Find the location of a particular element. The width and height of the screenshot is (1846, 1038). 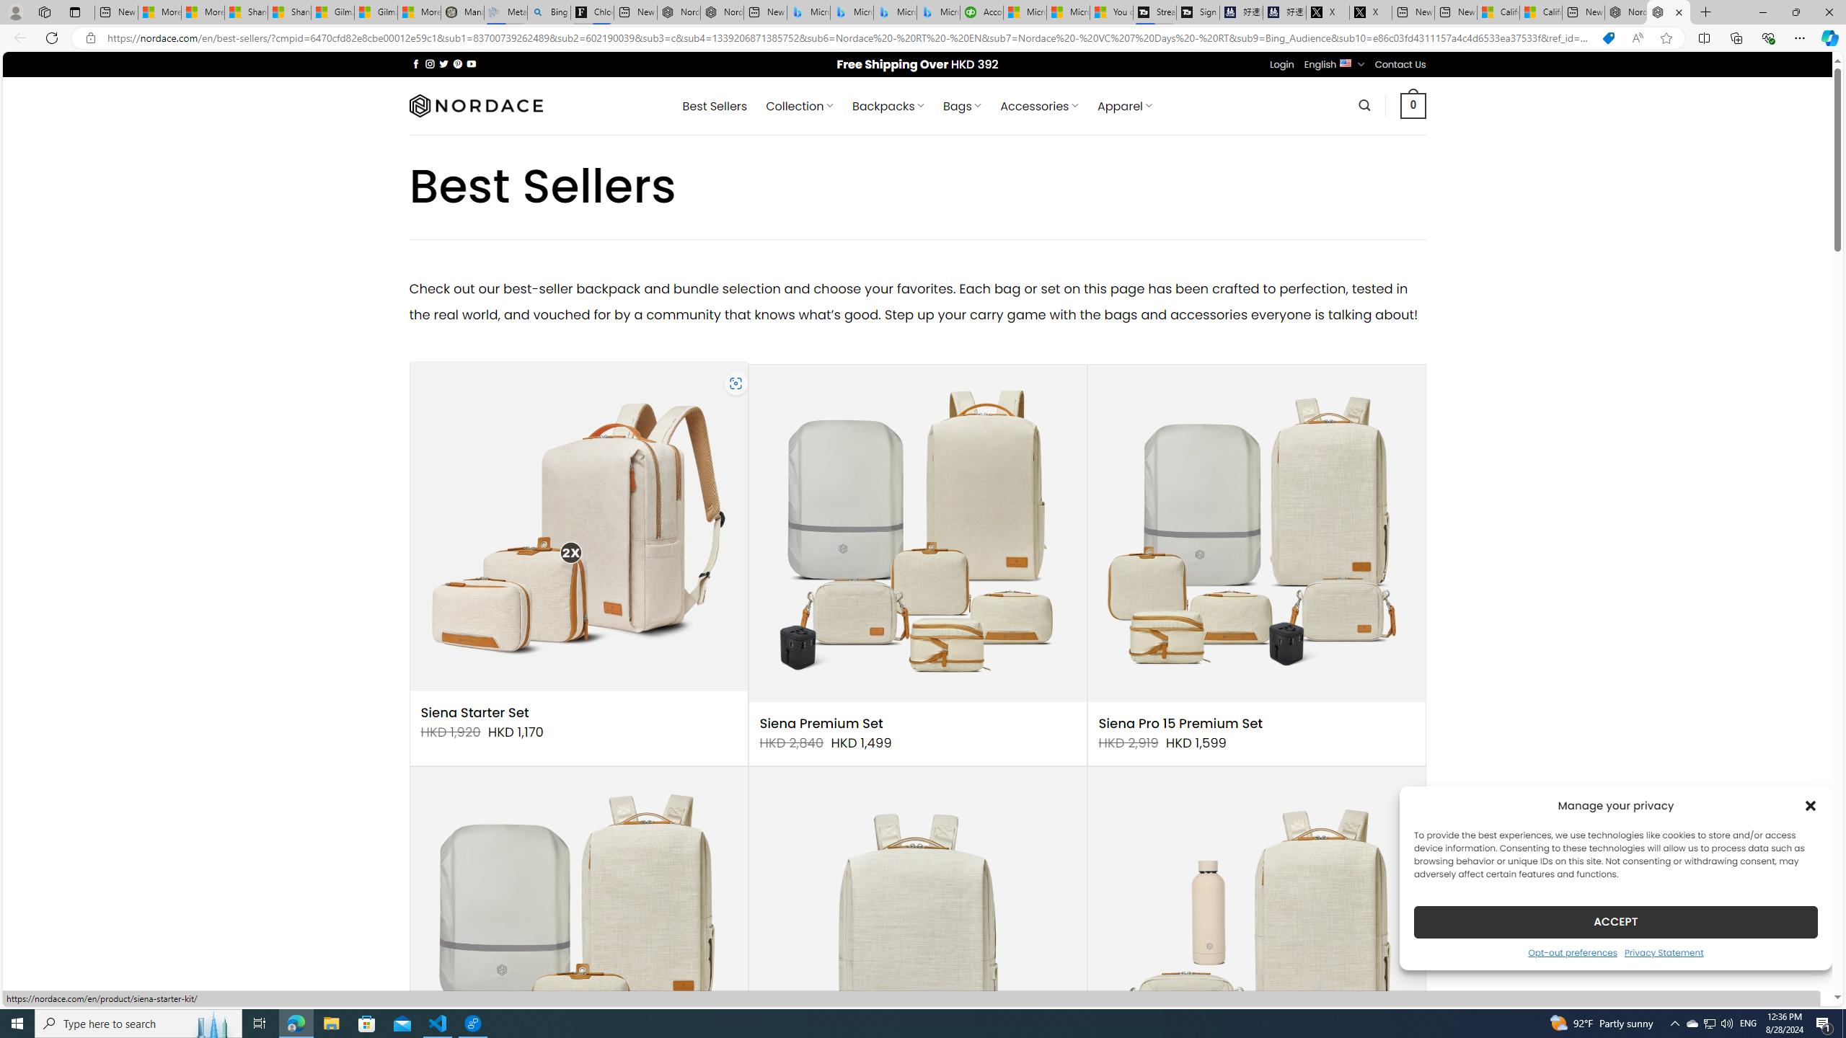

'Microsoft Bing Travel - Stays in Bangkok, Bangkok, Thailand' is located at coordinates (852, 12).